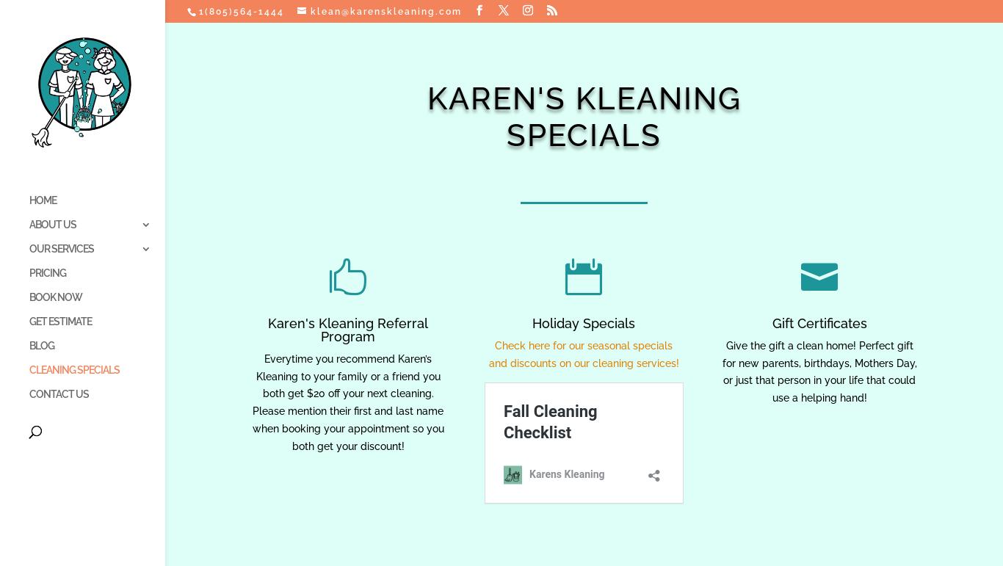 The image size is (1003, 566). Describe the element at coordinates (386, 12) in the screenshot. I see `'klean@karenskleaning.com'` at that location.